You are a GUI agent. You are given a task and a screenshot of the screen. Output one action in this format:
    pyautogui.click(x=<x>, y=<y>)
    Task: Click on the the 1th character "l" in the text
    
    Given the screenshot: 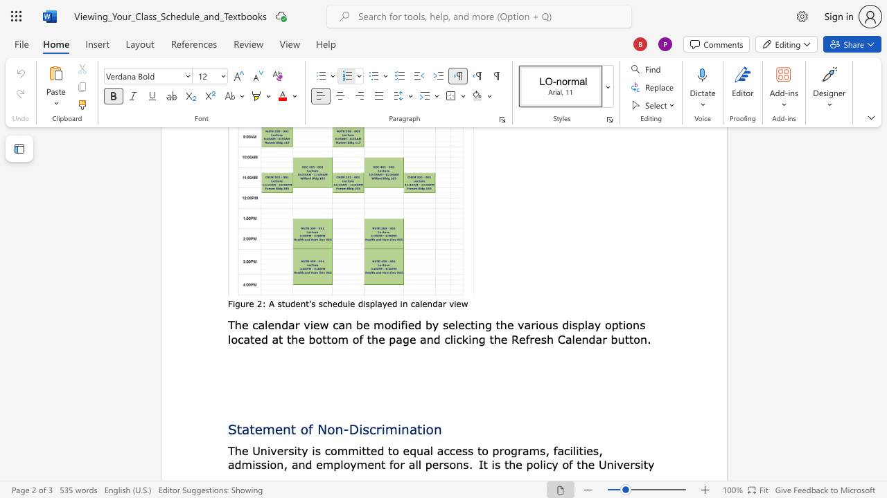 What is the action you would take?
    pyautogui.click(x=266, y=324)
    